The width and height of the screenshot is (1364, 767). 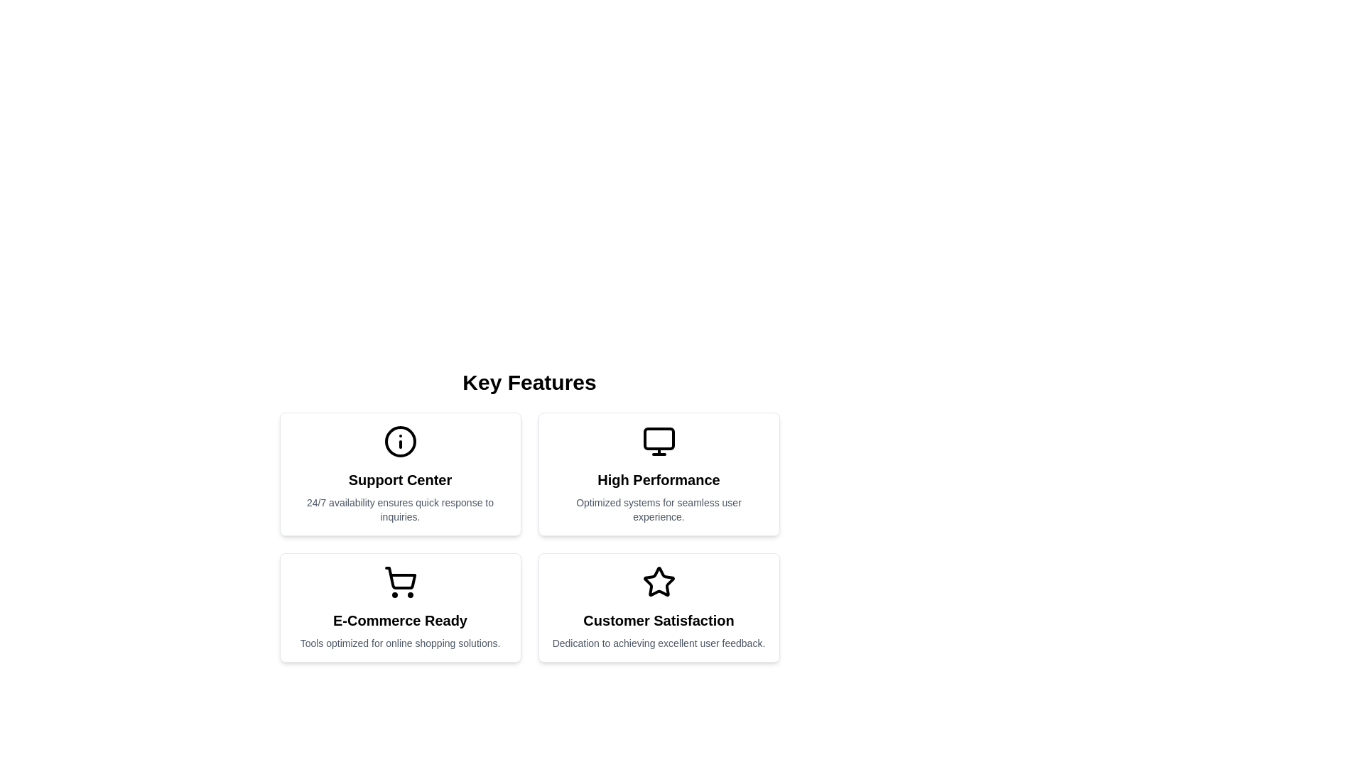 What do you see at coordinates (658, 643) in the screenshot?
I see `the static text element displaying 'Dedication to achieving excellent user feedback.' which is centrally aligned below the title 'Customer Satisfaction' within its card` at bounding box center [658, 643].